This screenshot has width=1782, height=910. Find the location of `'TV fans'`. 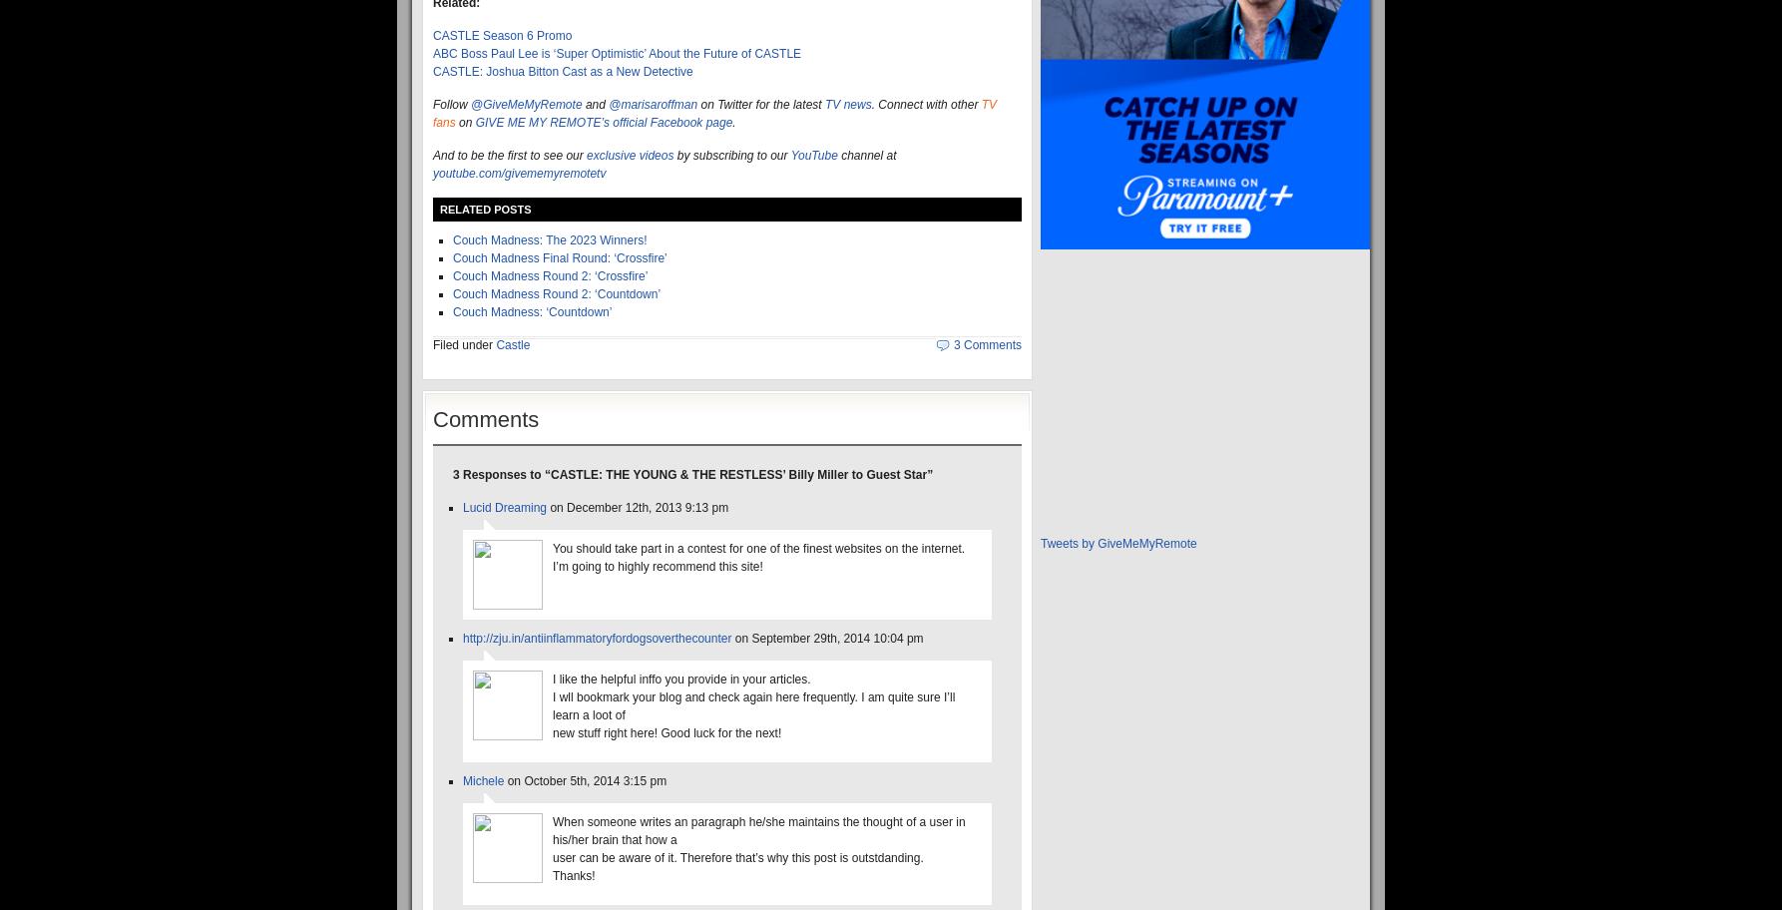

'TV fans' is located at coordinates (714, 114).